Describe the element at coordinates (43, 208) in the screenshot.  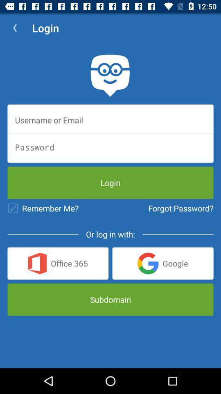
I see `the item next to the forgot password? icon` at that location.